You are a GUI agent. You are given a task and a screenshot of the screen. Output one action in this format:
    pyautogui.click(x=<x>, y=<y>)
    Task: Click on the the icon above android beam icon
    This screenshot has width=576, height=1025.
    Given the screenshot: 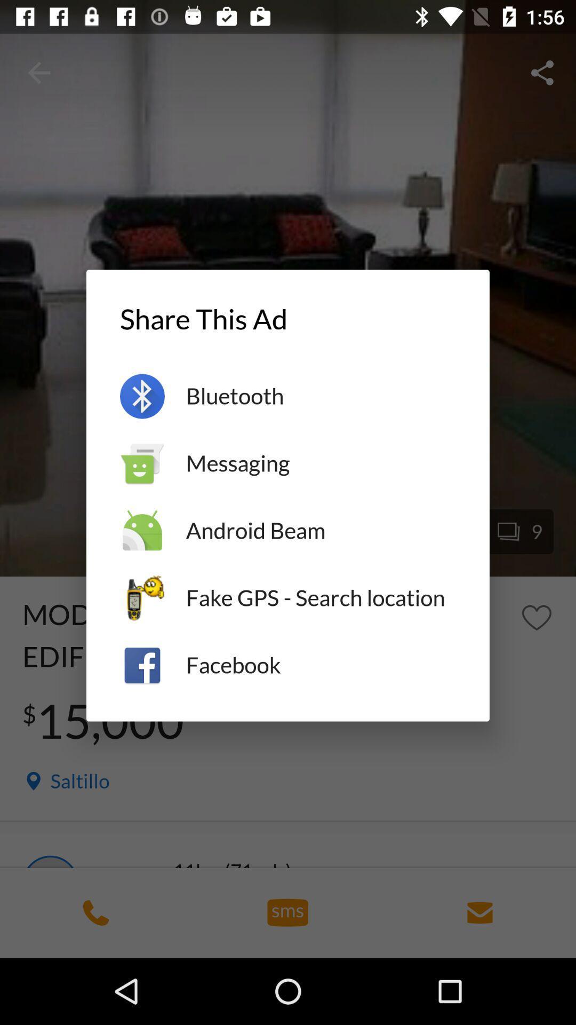 What is the action you would take?
    pyautogui.click(x=320, y=463)
    